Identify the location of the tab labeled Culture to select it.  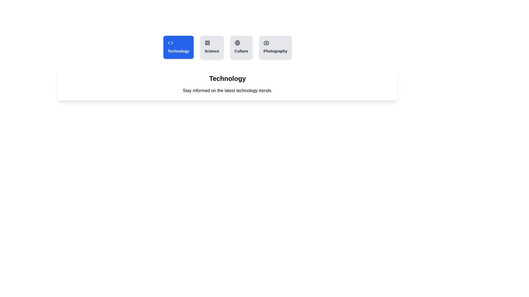
(241, 47).